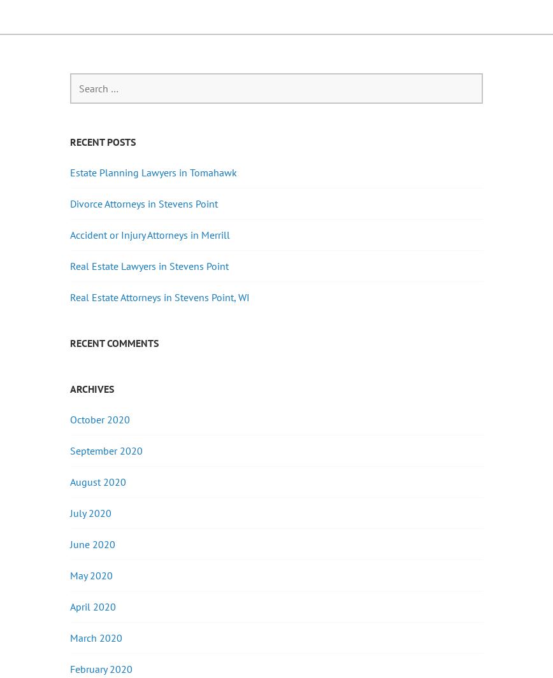 The width and height of the screenshot is (553, 678). I want to click on 'Divorce Attorneys in Stevens Point', so click(143, 202).